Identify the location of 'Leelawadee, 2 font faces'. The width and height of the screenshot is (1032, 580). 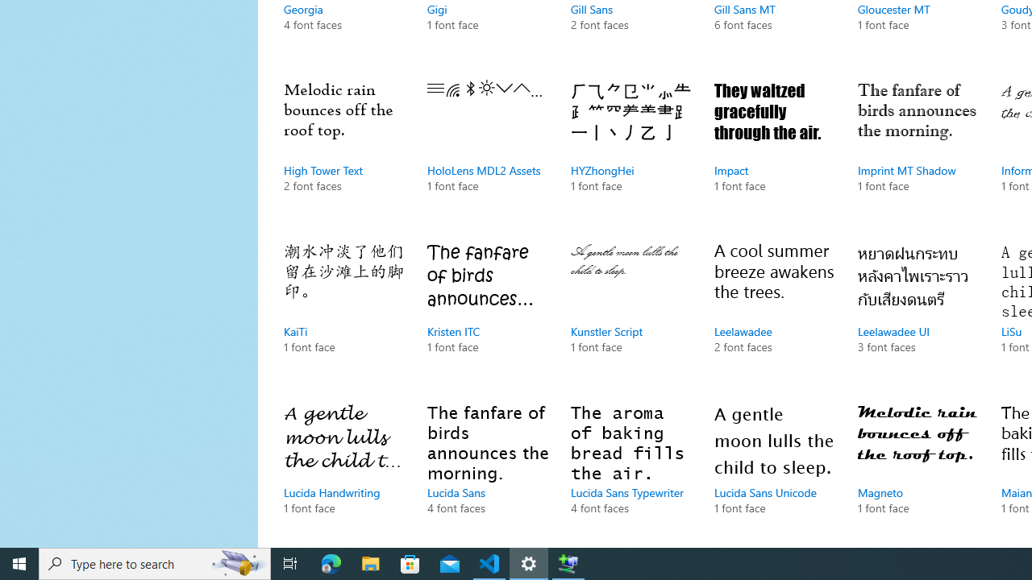
(775, 314).